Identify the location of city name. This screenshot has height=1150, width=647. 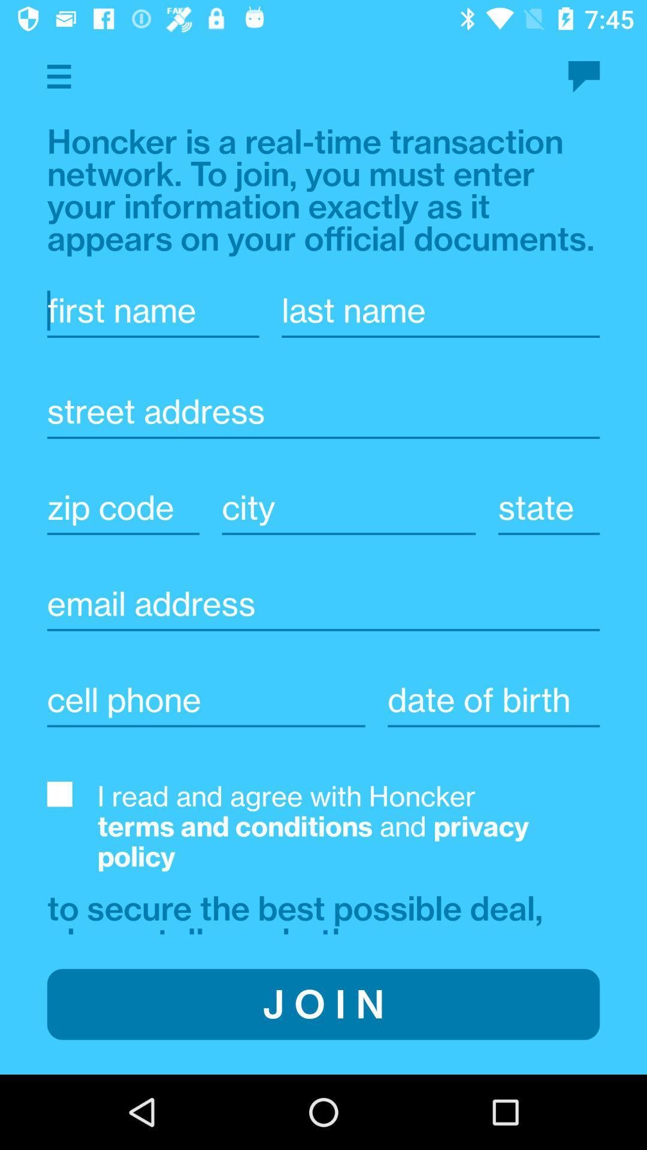
(349, 507).